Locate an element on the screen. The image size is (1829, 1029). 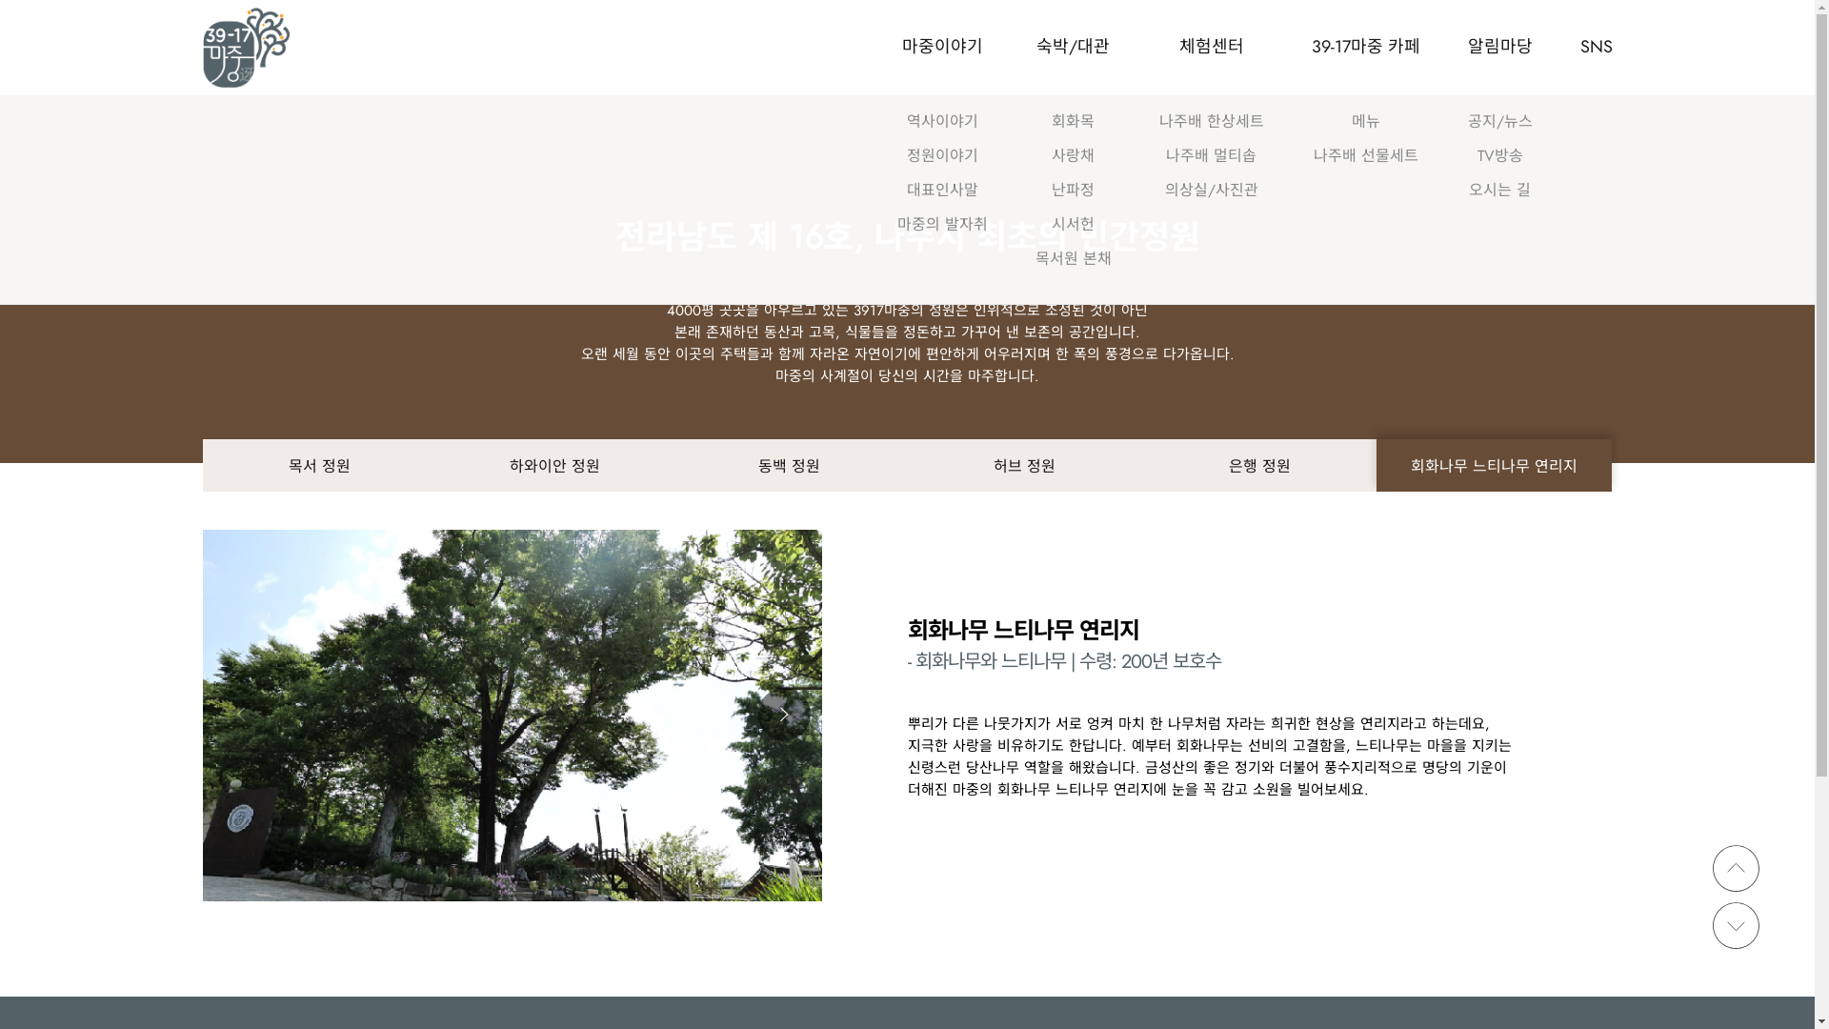
'SNS' is located at coordinates (1578, 47).